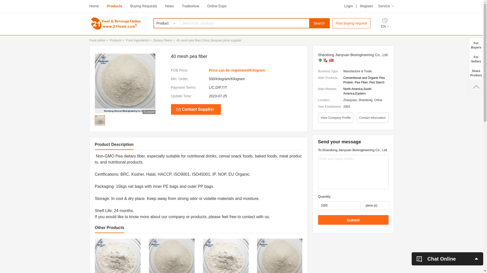 The width and height of the screenshot is (487, 273). What do you see at coordinates (182, 6) in the screenshot?
I see `'Tradeshow'` at bounding box center [182, 6].